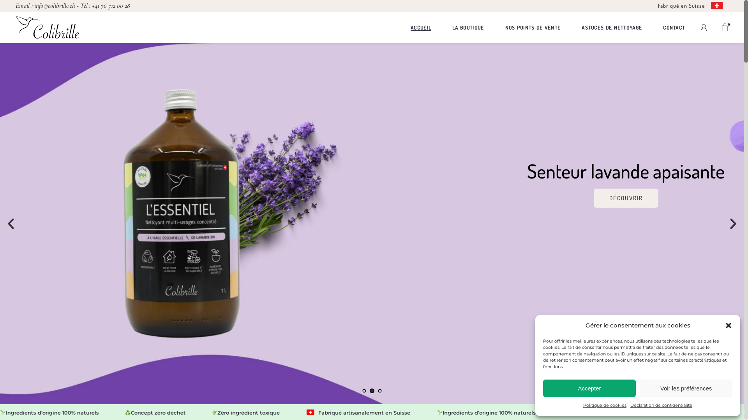  What do you see at coordinates (673, 26) in the screenshot?
I see `'CONTACT'` at bounding box center [673, 26].